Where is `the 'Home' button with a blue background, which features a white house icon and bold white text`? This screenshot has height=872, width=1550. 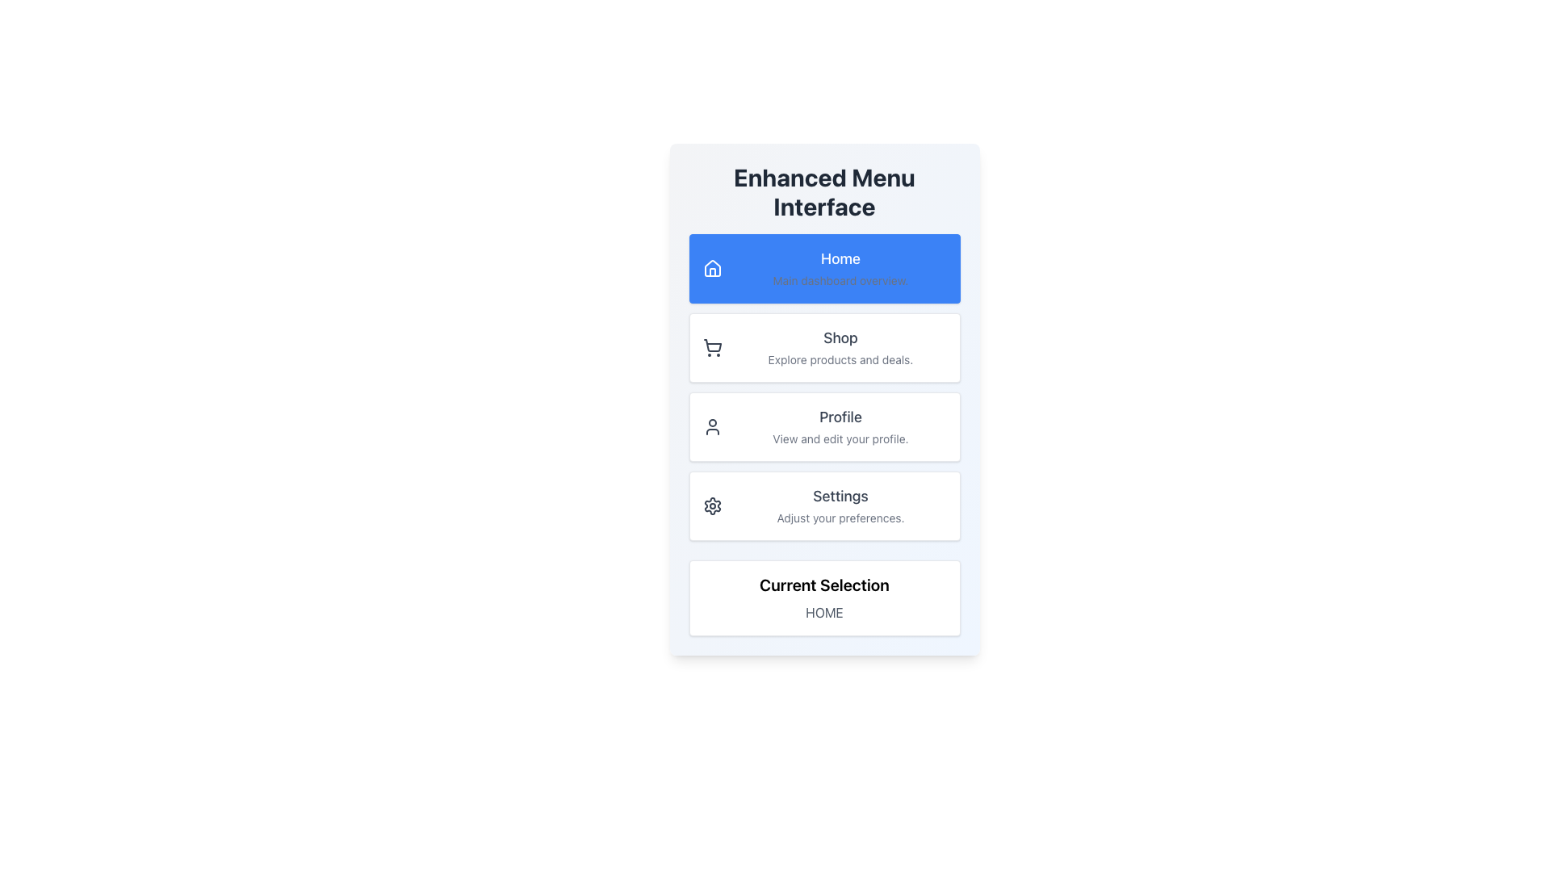 the 'Home' button with a blue background, which features a white house icon and bold white text is located at coordinates (824, 267).